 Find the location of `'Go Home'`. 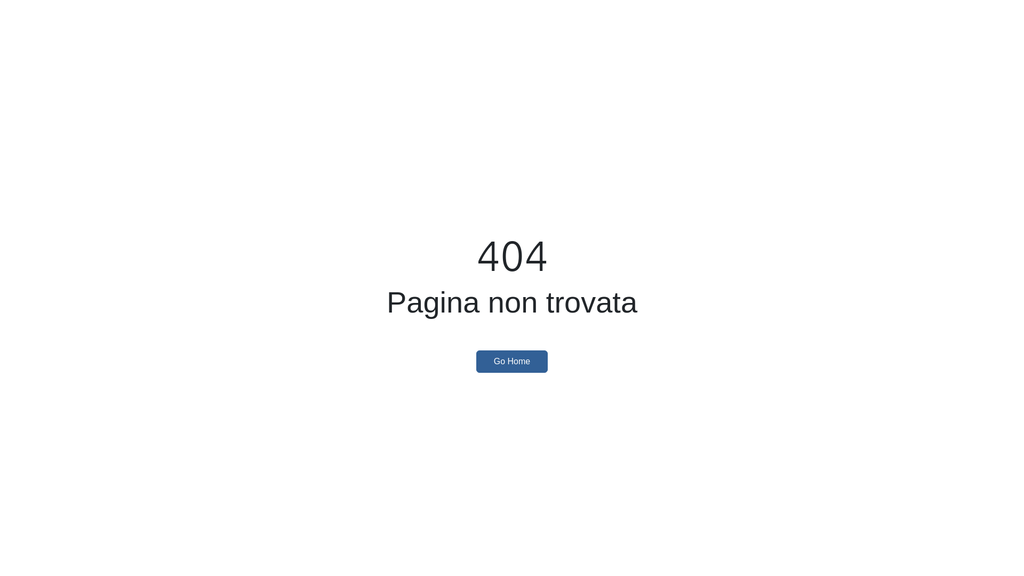

'Go Home' is located at coordinates (512, 361).